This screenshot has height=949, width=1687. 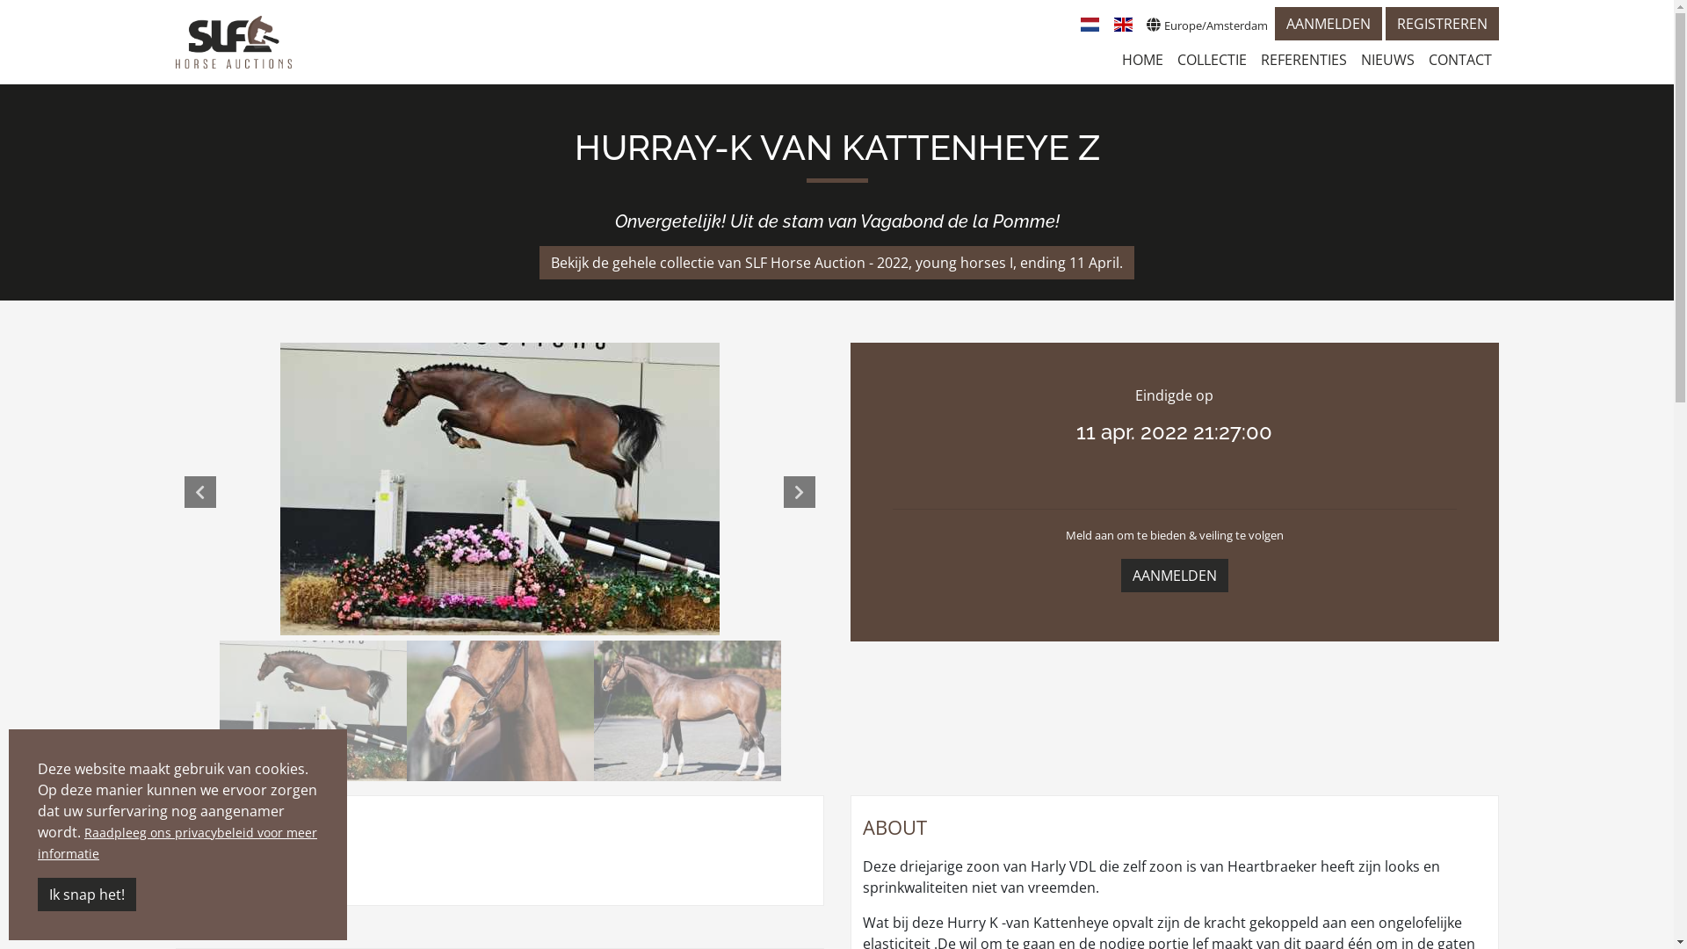 I want to click on 'COLLECTIE', so click(x=1211, y=59).